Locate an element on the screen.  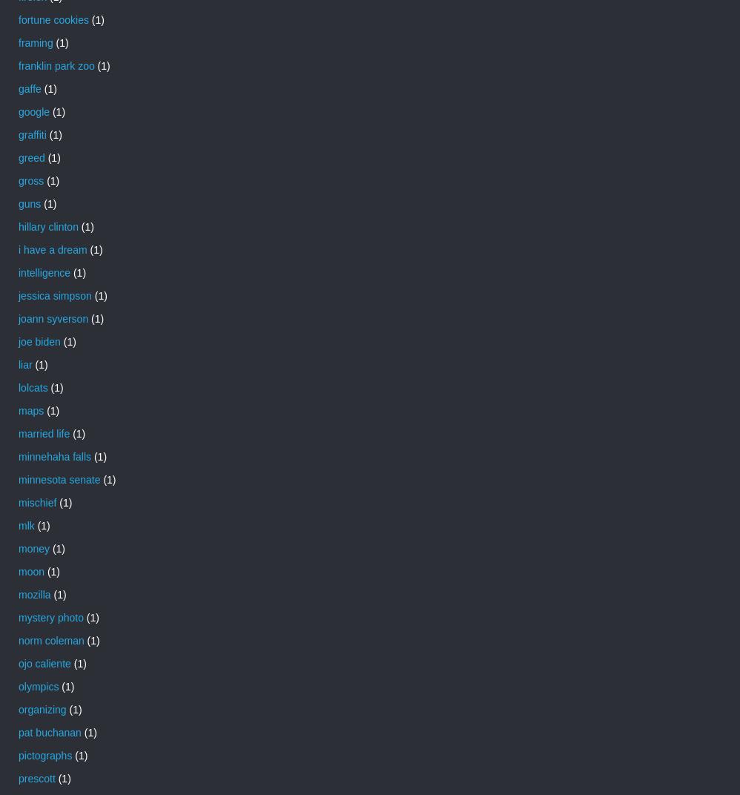
'pat buchanan' is located at coordinates (48, 730).